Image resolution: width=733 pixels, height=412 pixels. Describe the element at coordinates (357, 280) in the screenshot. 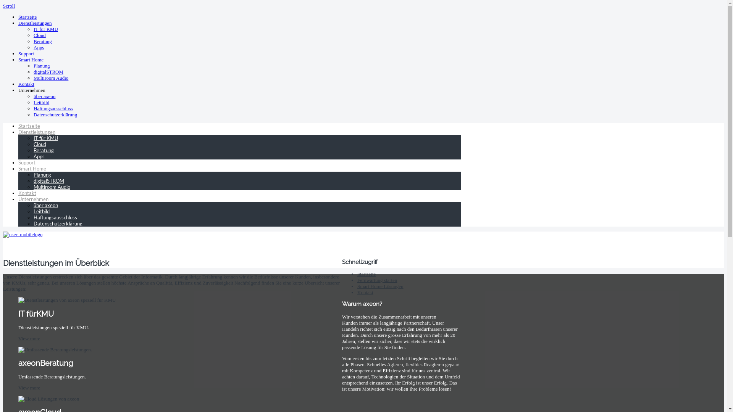

I see `'Fernwartung starten'` at that location.